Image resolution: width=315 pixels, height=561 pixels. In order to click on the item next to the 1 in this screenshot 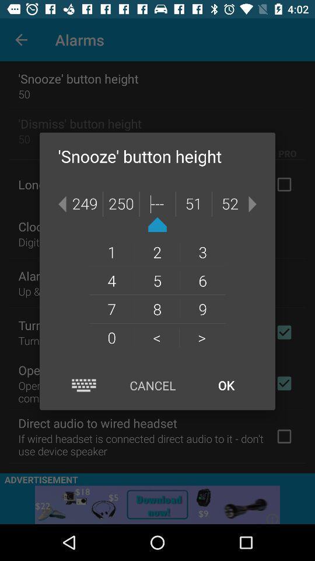, I will do `click(157, 280)`.